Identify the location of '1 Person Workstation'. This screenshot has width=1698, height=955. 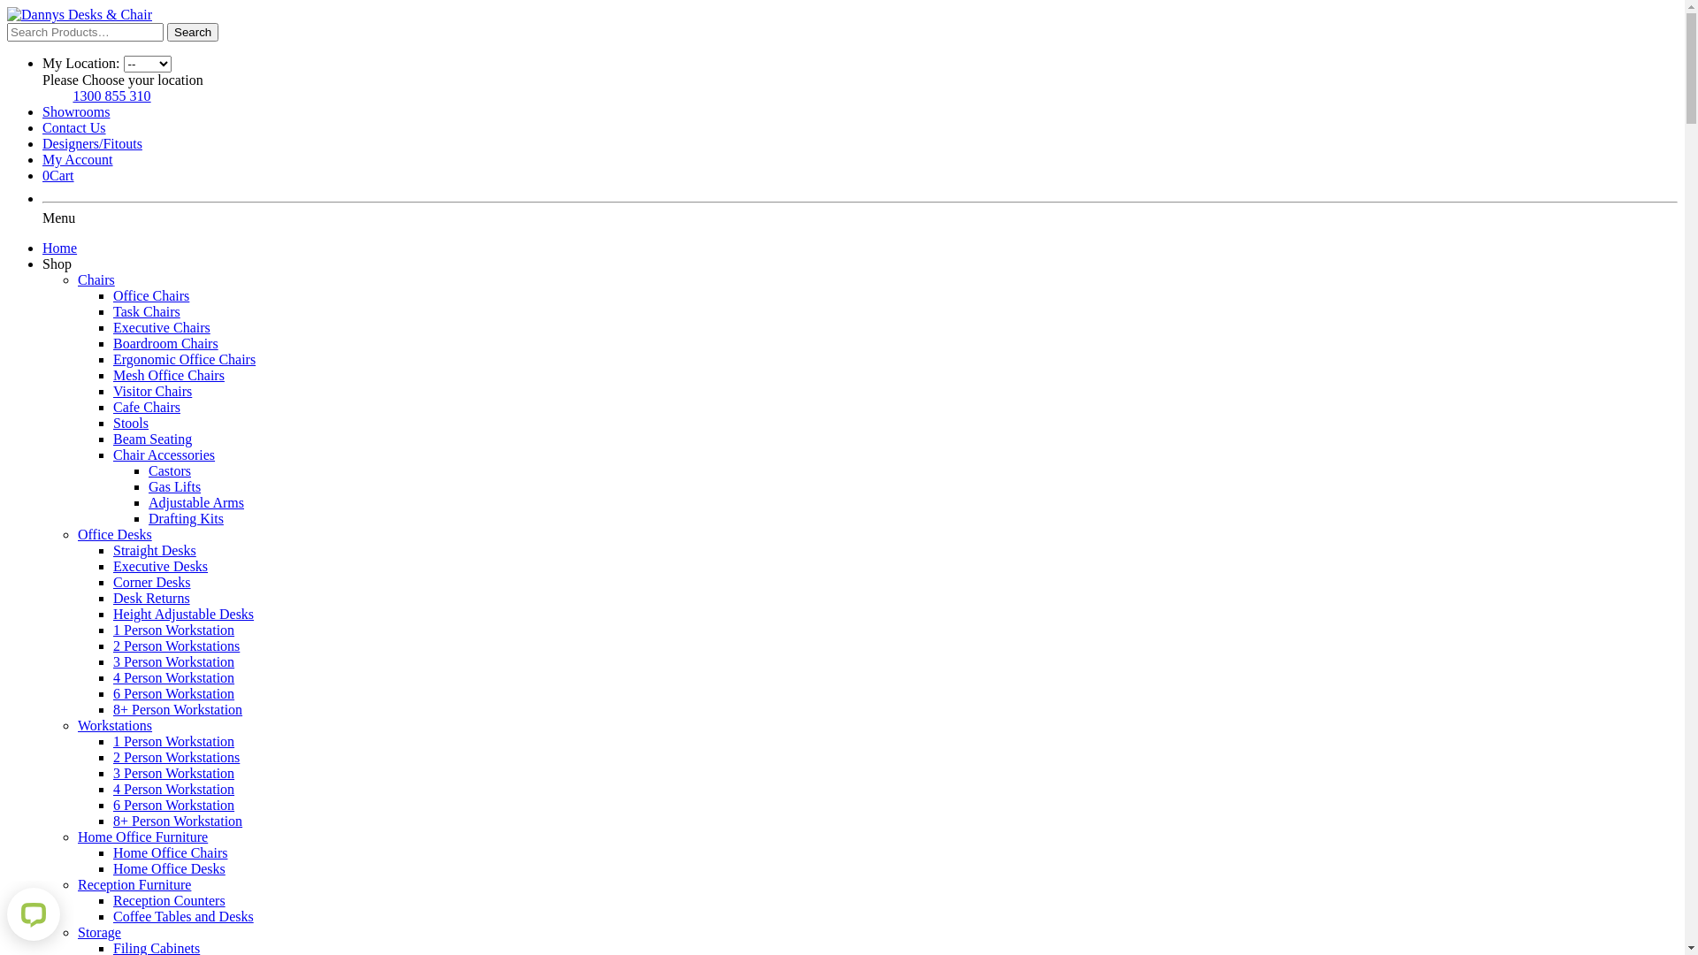
(173, 741).